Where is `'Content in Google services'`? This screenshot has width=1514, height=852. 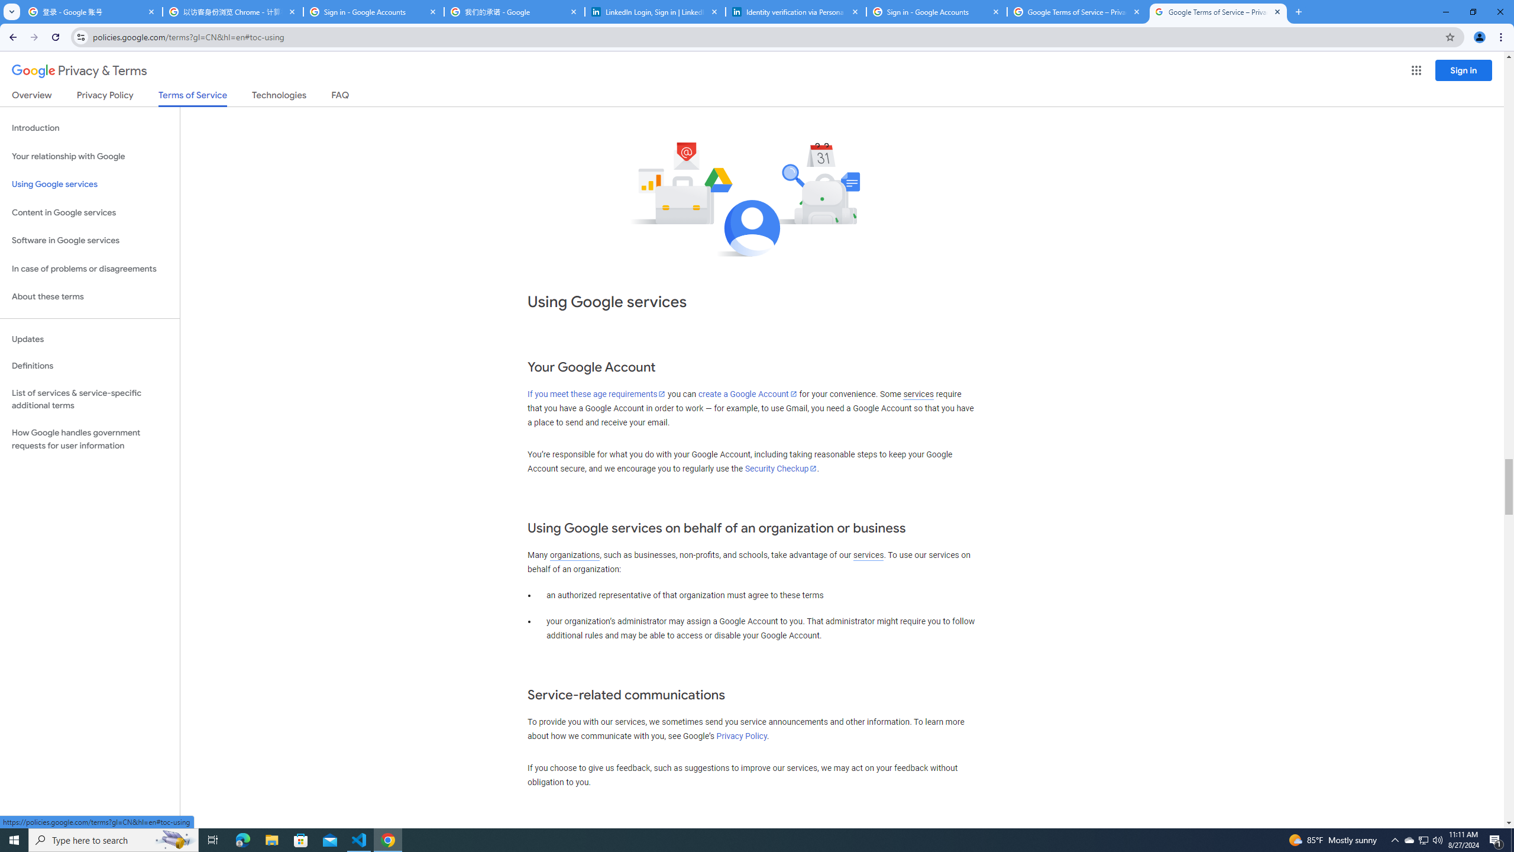 'Content in Google services' is located at coordinates (89, 213).